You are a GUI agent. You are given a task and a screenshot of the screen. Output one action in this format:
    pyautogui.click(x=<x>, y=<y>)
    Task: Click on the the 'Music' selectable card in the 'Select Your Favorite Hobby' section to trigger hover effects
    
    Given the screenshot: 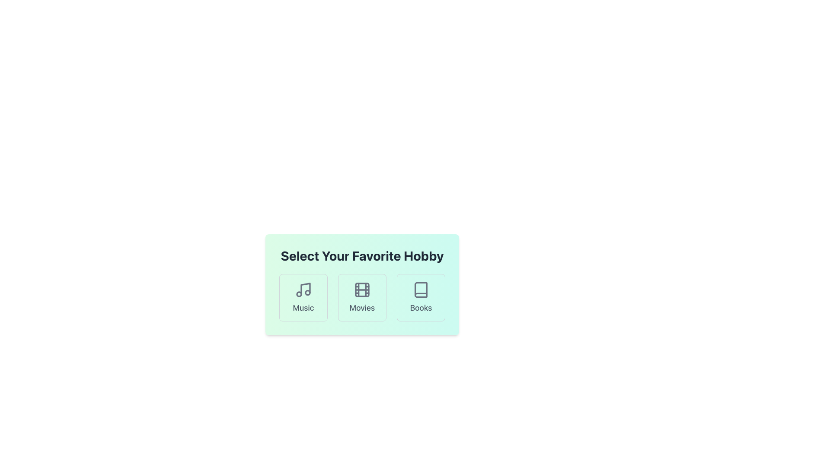 What is the action you would take?
    pyautogui.click(x=303, y=297)
    